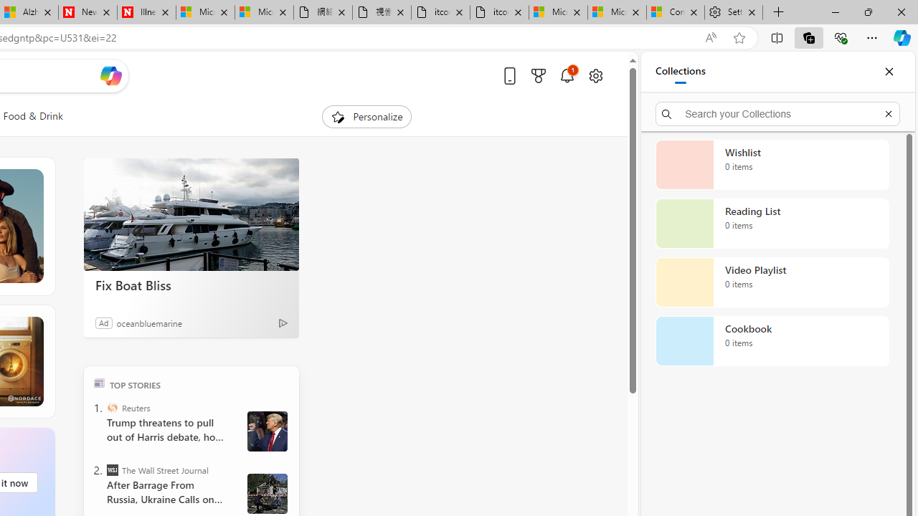 The width and height of the screenshot is (918, 516). What do you see at coordinates (149, 322) in the screenshot?
I see `'oceanbluemarine'` at bounding box center [149, 322].